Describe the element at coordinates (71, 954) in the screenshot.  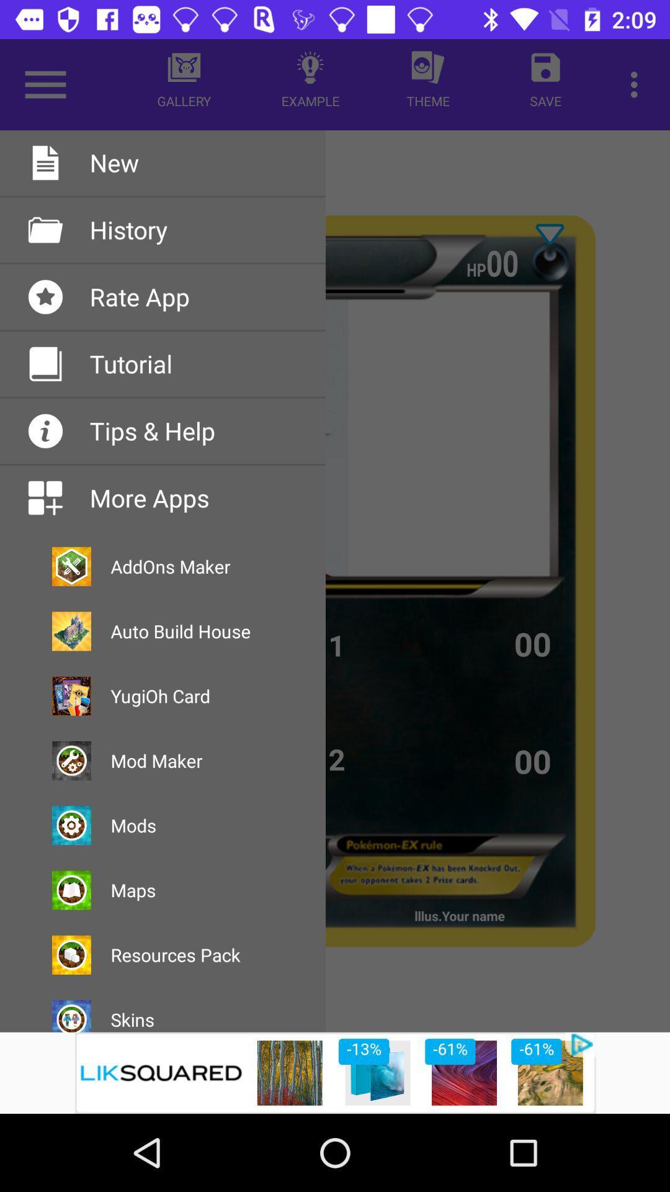
I see `the icon which is before resource pack` at that location.